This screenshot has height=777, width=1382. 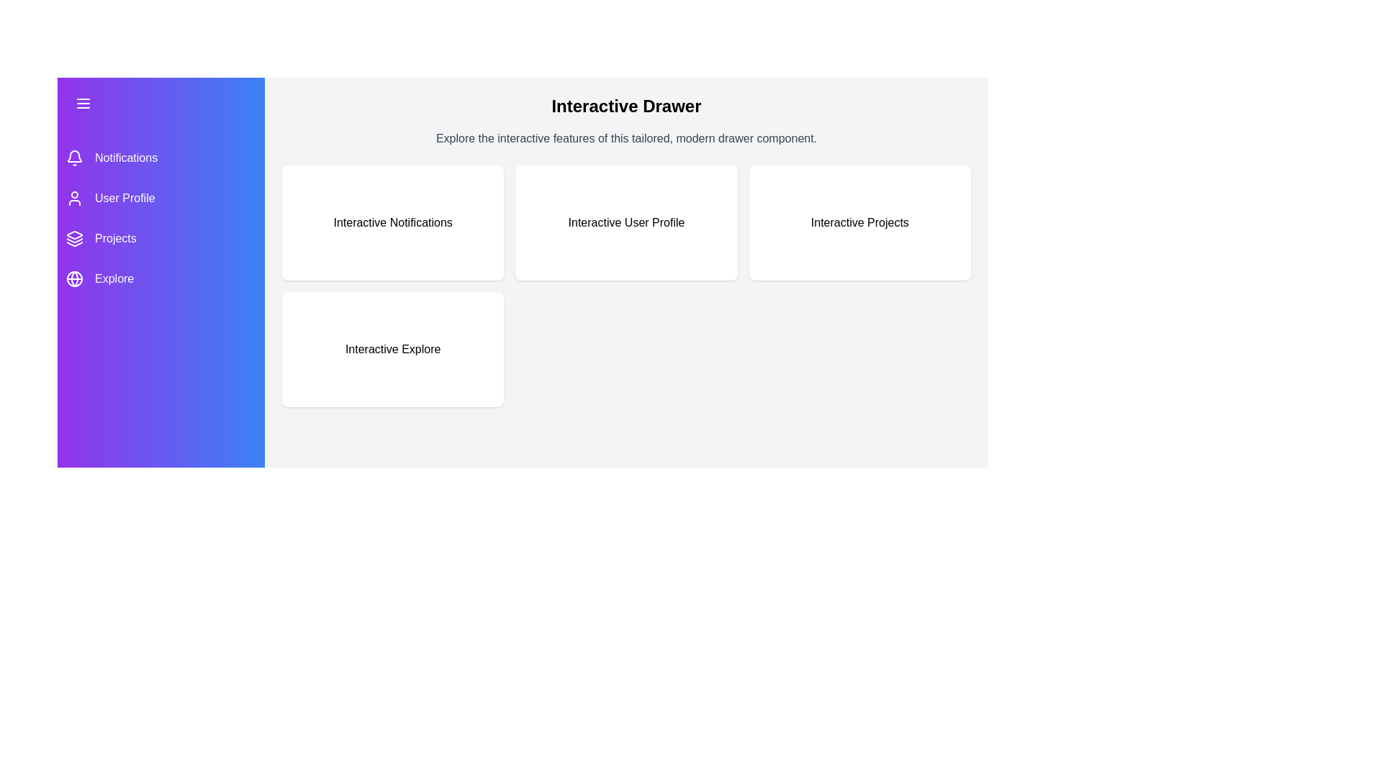 I want to click on the menu item User Profile to navigate, so click(x=161, y=199).